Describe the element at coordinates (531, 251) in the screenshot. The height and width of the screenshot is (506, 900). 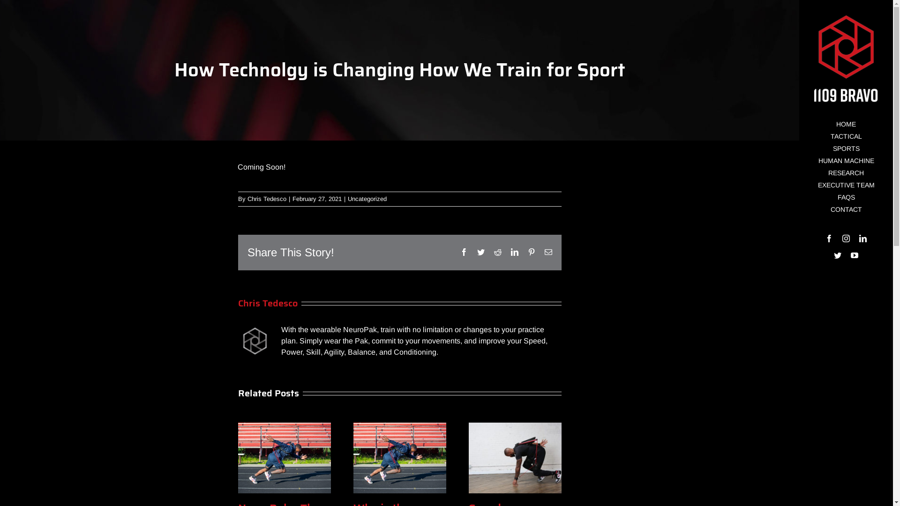
I see `'Pinterest'` at that location.